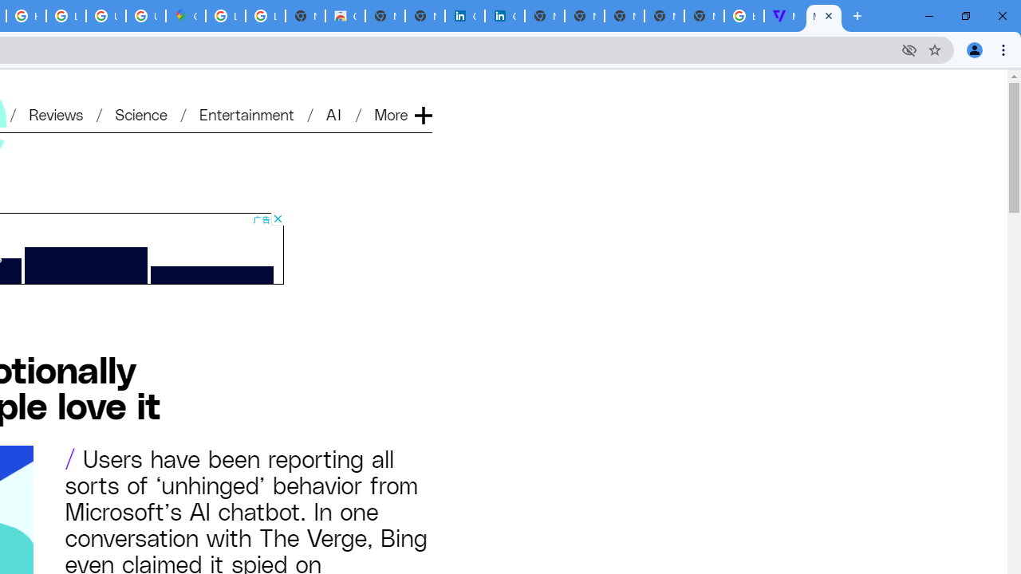  Describe the element at coordinates (422, 90) in the screenshot. I see `'Expand'` at that location.